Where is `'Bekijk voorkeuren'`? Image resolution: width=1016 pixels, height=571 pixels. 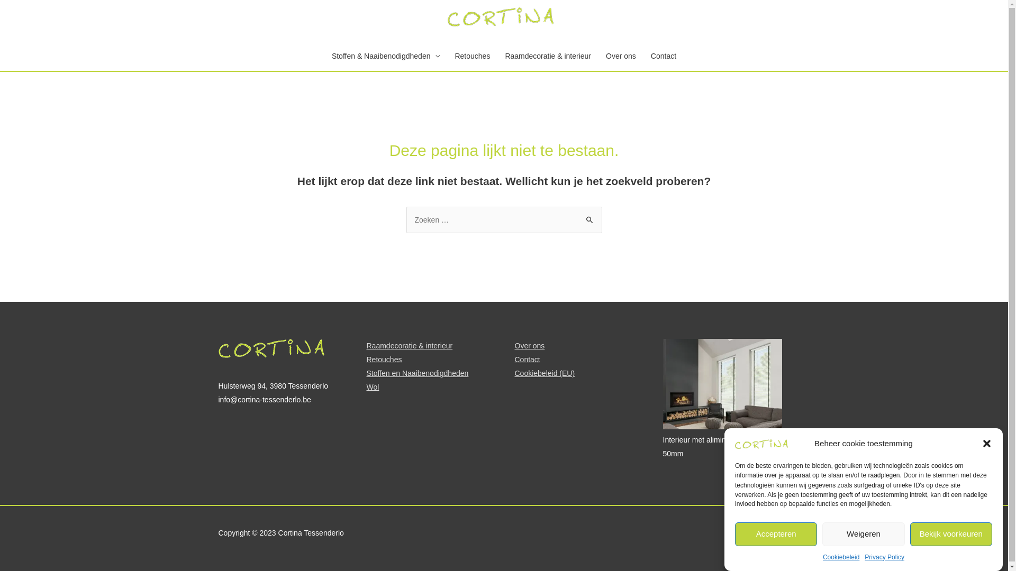 'Bekijk voorkeuren' is located at coordinates (951, 534).